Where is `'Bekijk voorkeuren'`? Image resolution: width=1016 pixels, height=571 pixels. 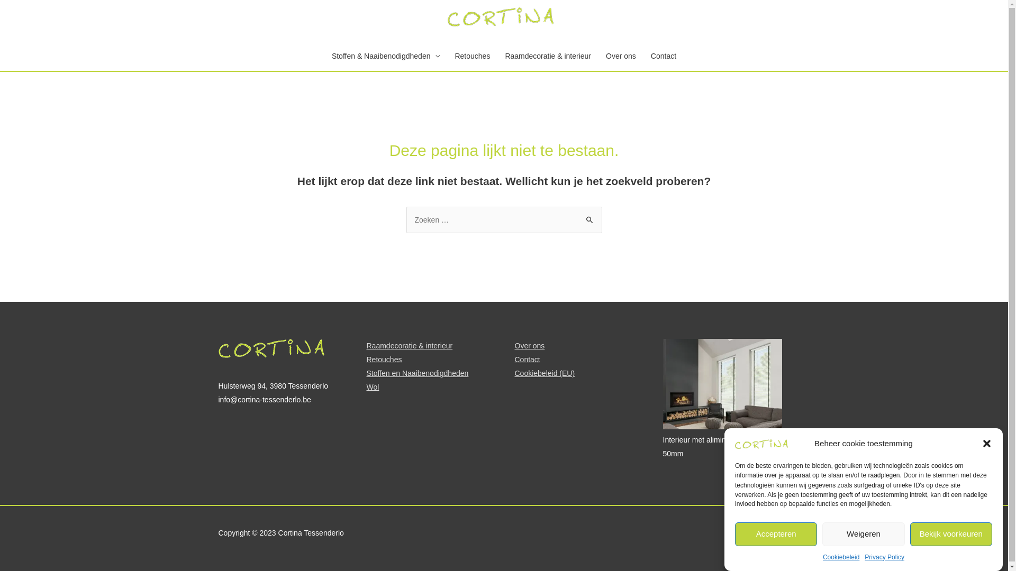 'Bekijk voorkeuren' is located at coordinates (951, 534).